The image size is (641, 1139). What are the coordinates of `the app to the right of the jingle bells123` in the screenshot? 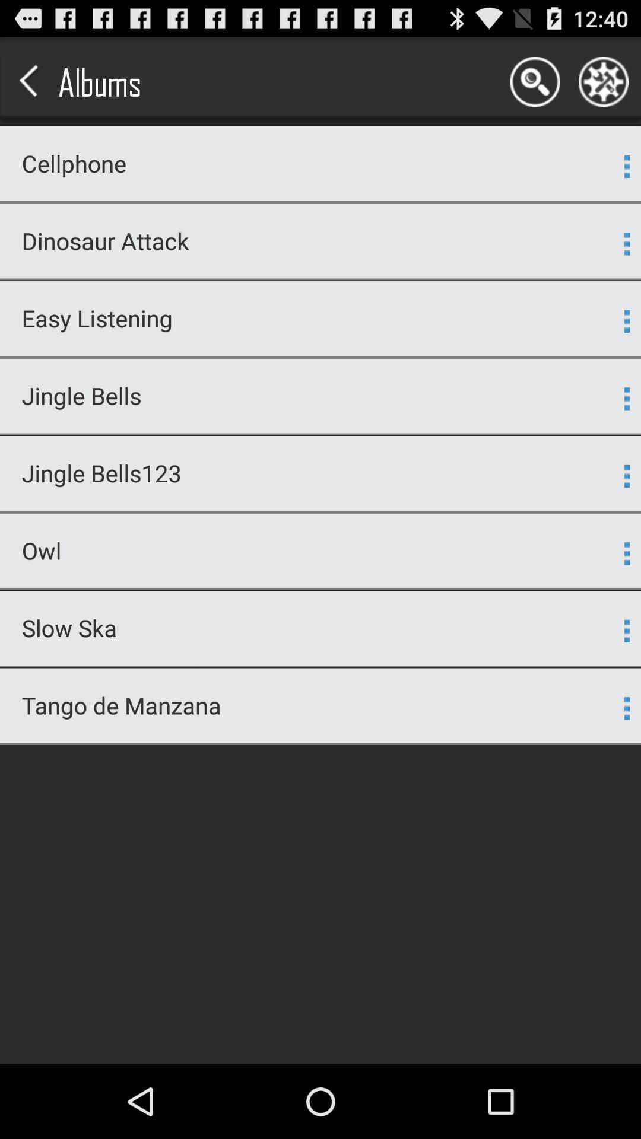 It's located at (626, 476).